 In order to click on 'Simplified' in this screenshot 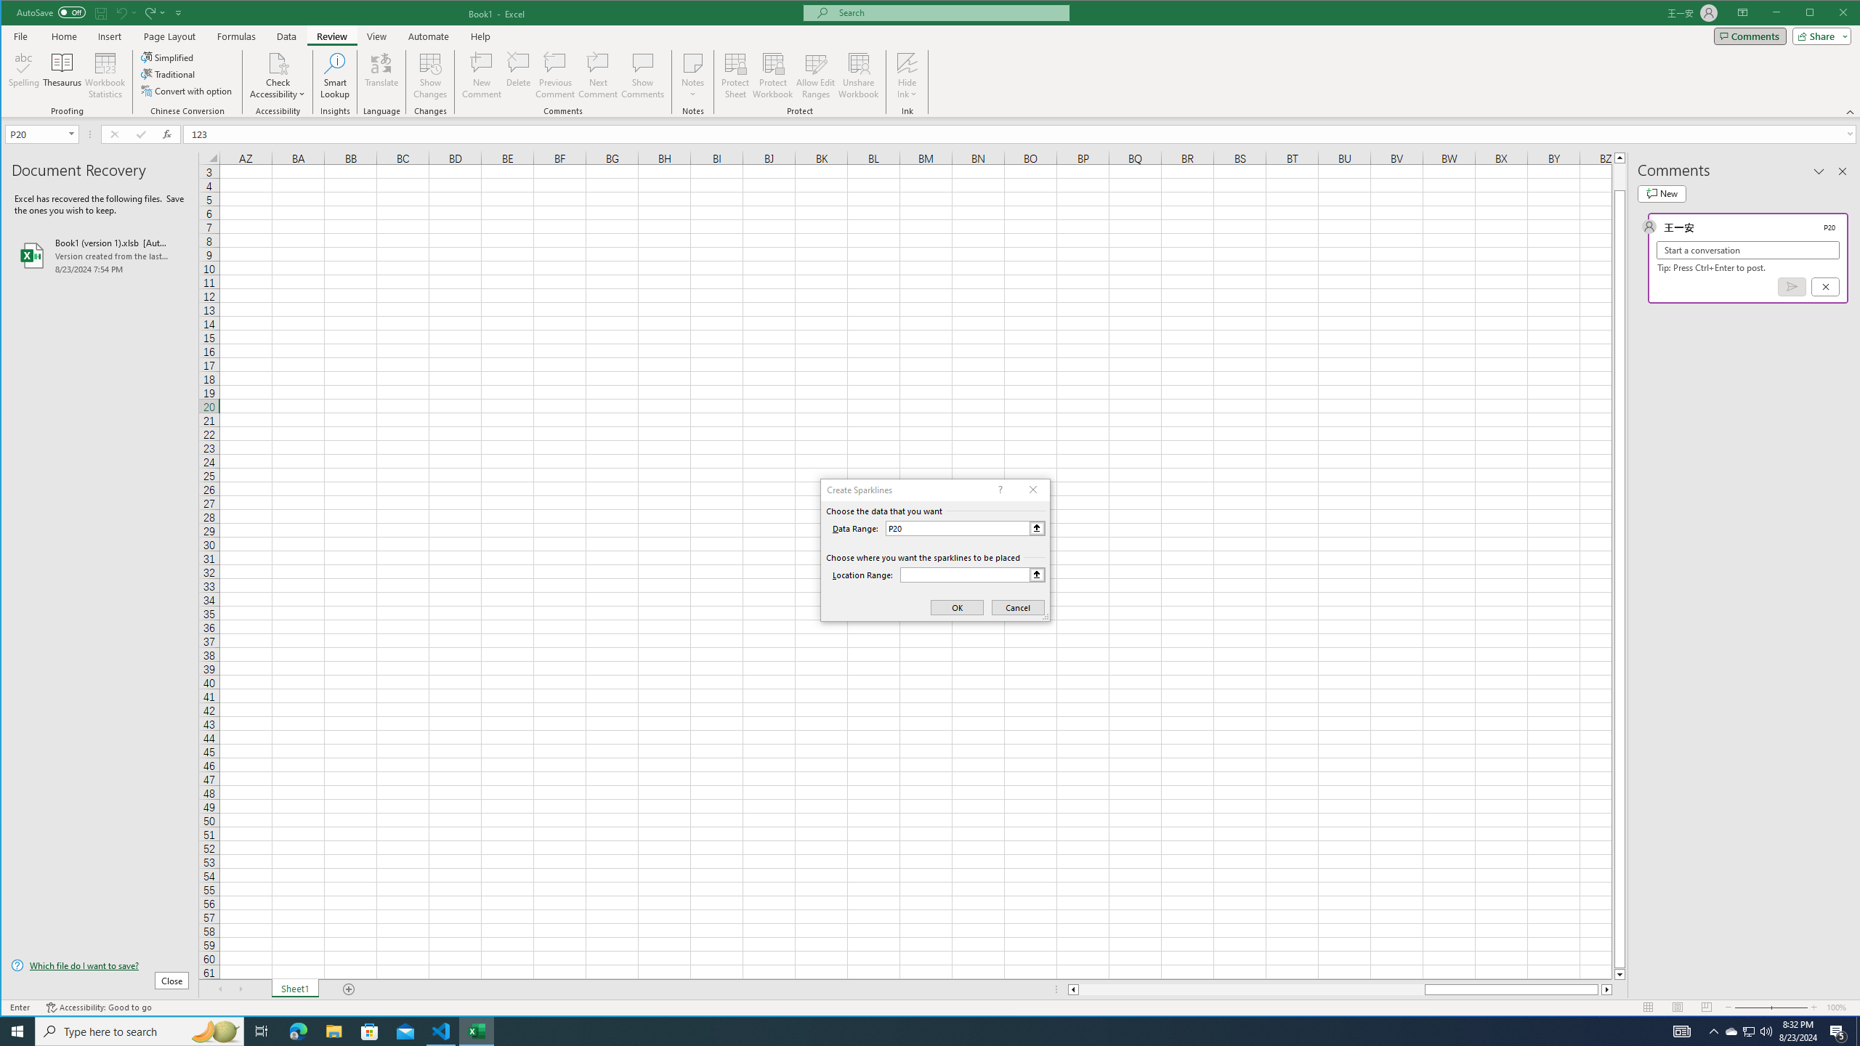, I will do `click(169, 57)`.